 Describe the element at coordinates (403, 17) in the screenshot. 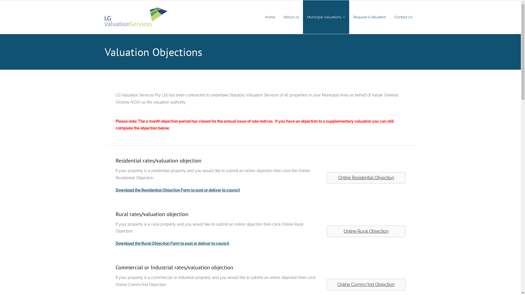

I see `'Contact Us'` at that location.